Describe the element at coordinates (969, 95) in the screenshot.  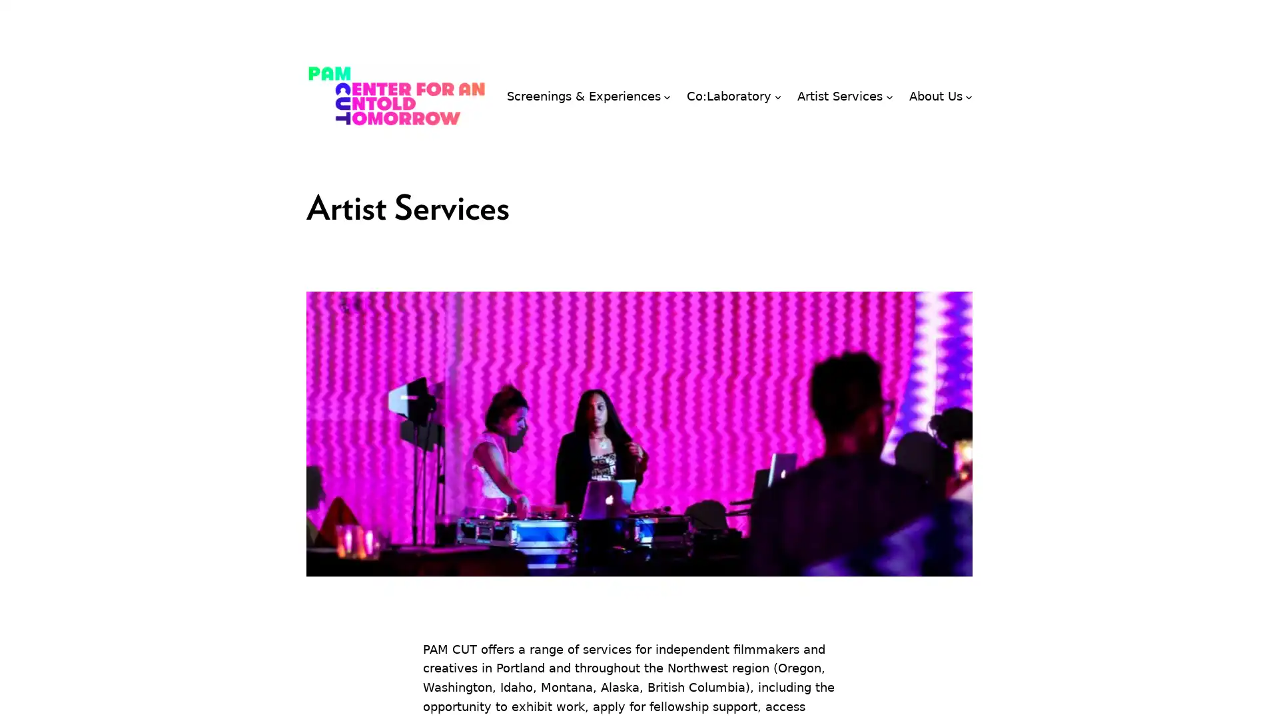
I see `About Us submenu` at that location.